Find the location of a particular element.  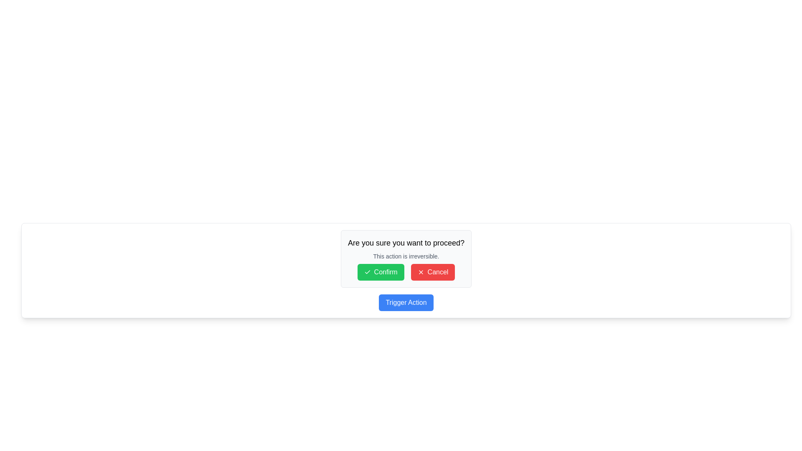

the checkmark icon embedded in the leftmost part of the 'Confirm' button, which visually represents the action of confirming is located at coordinates (367, 272).